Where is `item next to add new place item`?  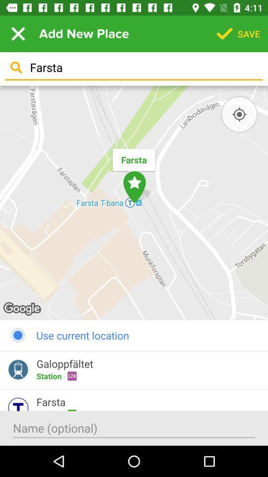
item next to add new place item is located at coordinates (18, 34).